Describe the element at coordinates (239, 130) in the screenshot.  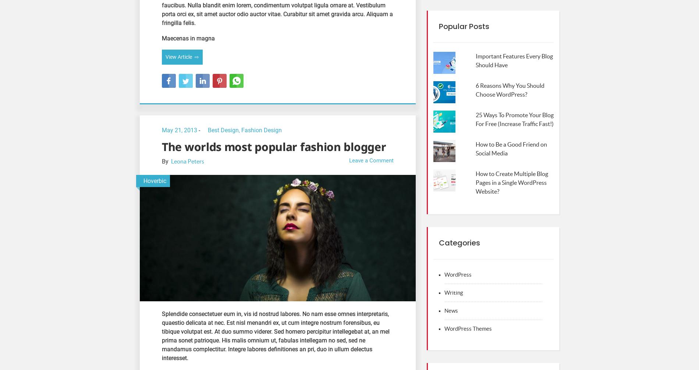
I see `','` at that location.